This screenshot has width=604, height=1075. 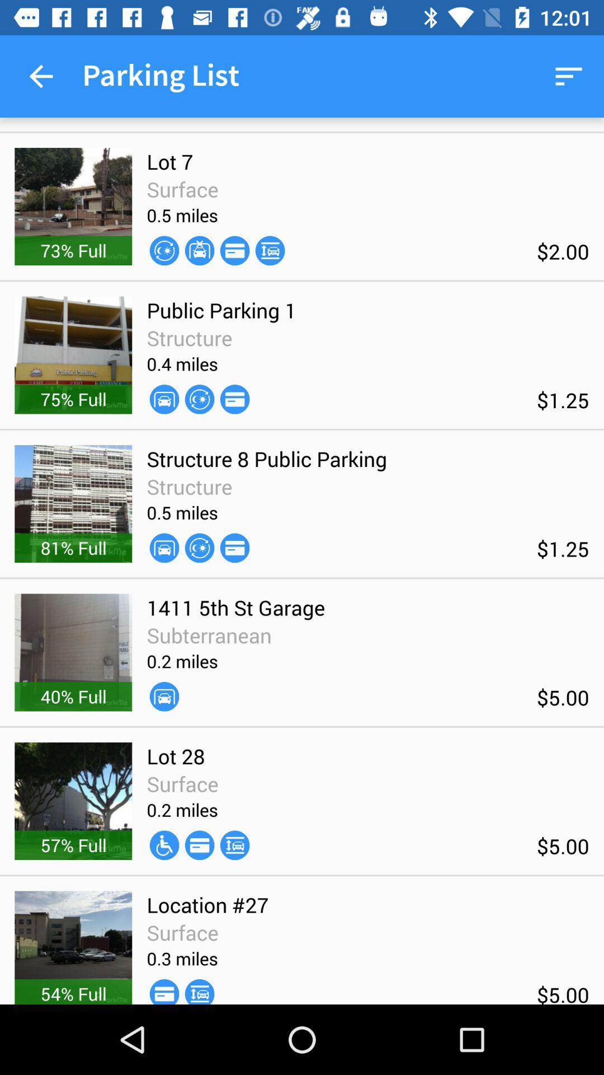 I want to click on the icon next to the 0.4 miles, so click(x=234, y=399).